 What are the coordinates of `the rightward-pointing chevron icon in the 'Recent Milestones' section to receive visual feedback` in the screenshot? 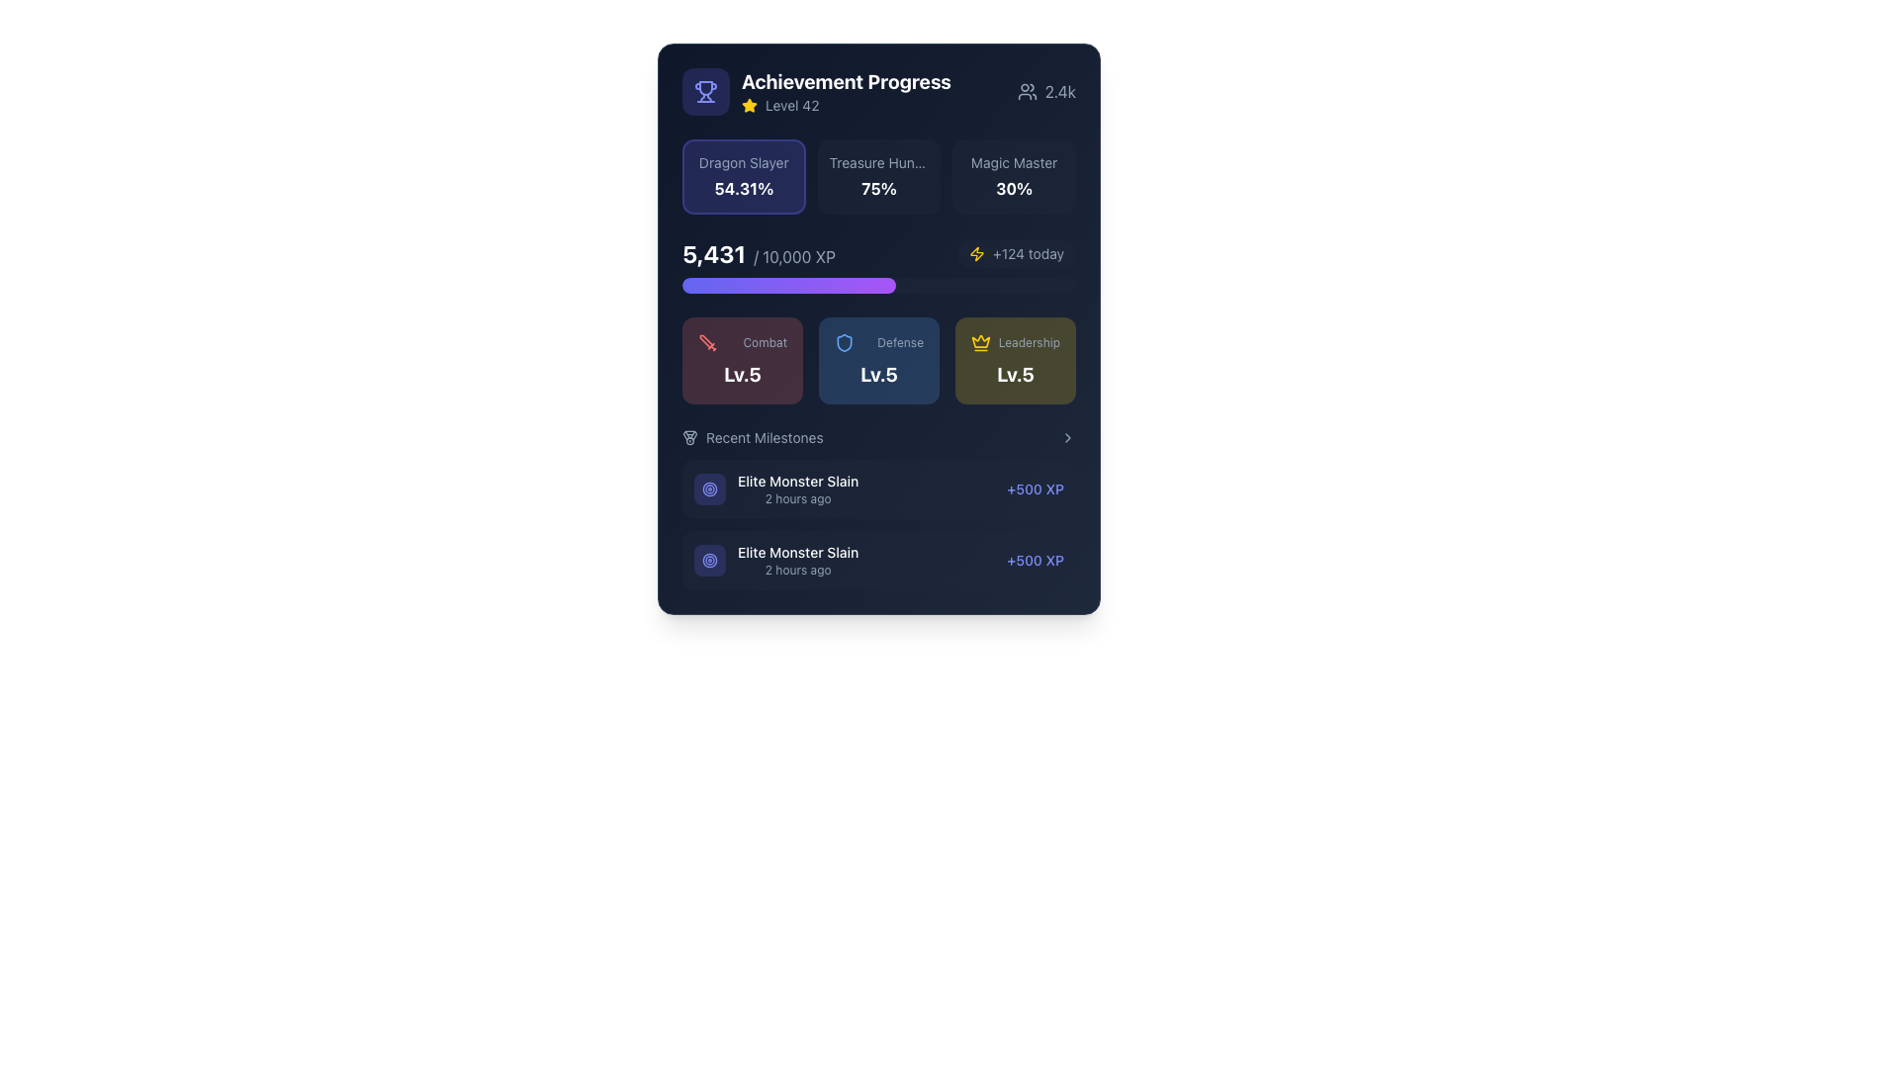 It's located at (1067, 437).